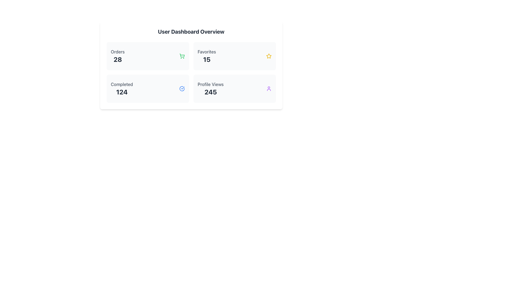 The image size is (521, 293). What do you see at coordinates (234, 88) in the screenshot?
I see `the 'Profile Views' Info Card element, which is the fourth card in a grid layout with a light gray background and rounded corners` at bounding box center [234, 88].